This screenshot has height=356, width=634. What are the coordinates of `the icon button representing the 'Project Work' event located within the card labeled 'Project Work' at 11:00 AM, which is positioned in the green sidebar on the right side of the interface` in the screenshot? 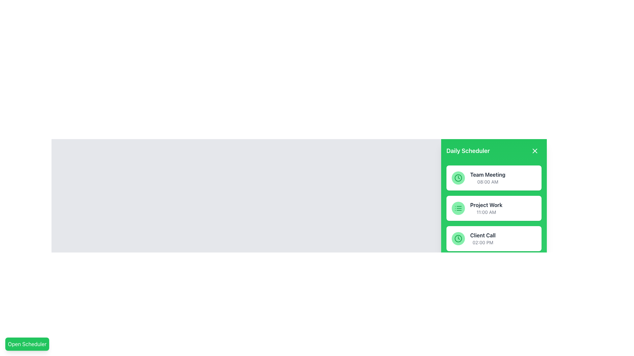 It's located at (458, 208).